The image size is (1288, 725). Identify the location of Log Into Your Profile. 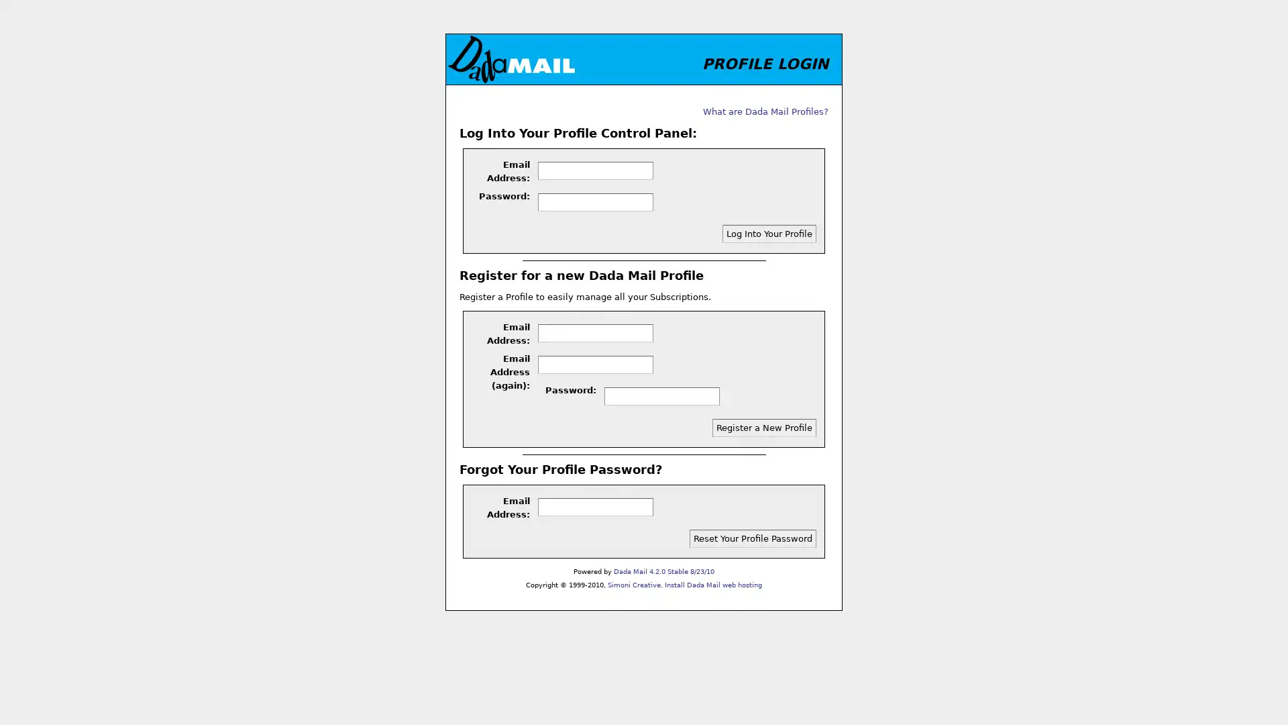
(769, 232).